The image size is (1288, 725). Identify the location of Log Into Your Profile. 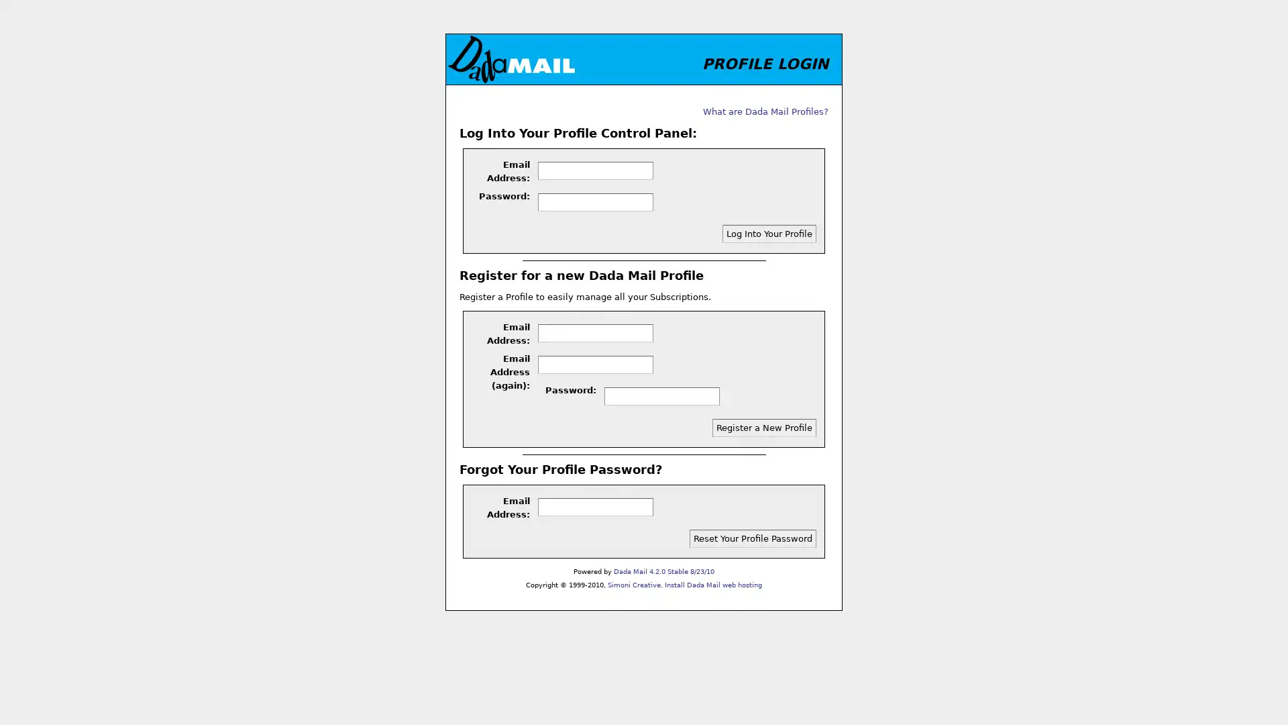
(769, 232).